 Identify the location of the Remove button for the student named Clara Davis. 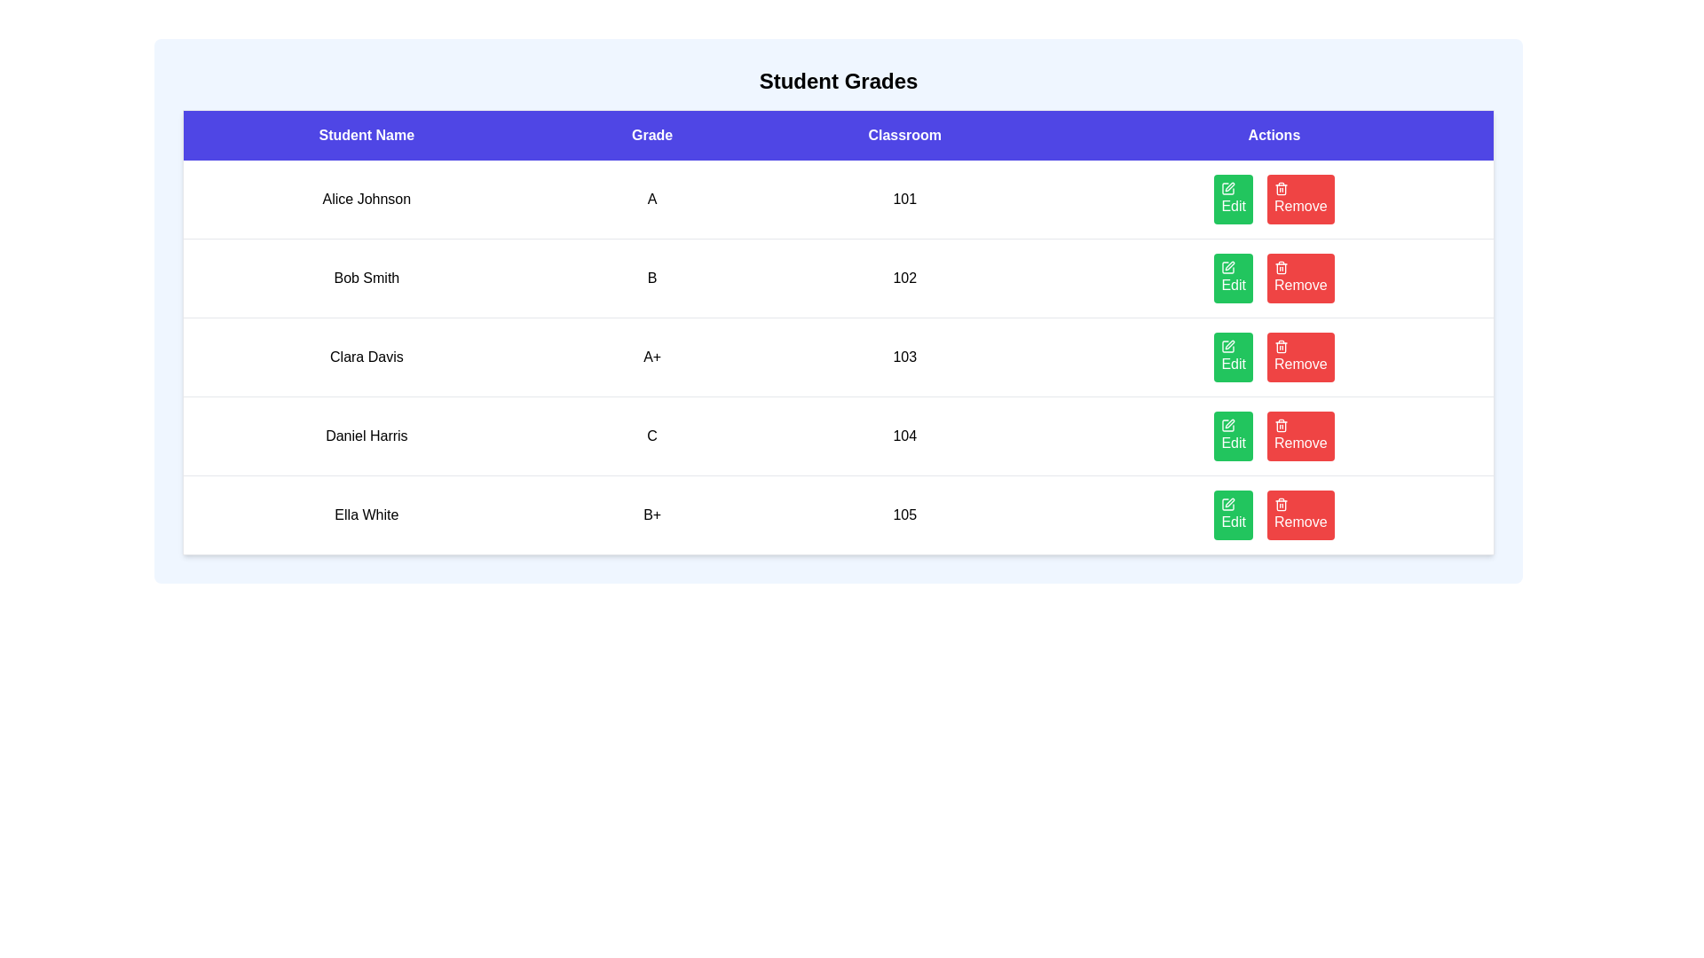
(1299, 357).